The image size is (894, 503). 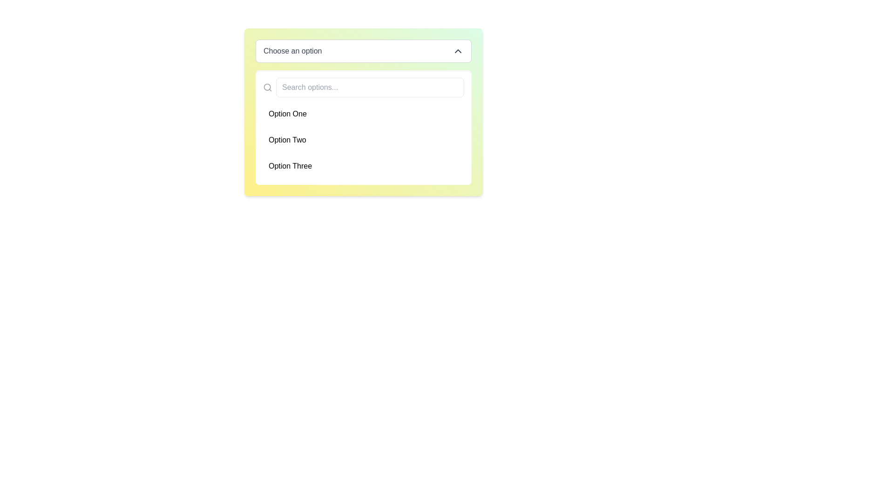 I want to click on the magnifying glass icon, which is styled as an SVG element and located to the far left of the search input box, to interact with it, so click(x=267, y=88).